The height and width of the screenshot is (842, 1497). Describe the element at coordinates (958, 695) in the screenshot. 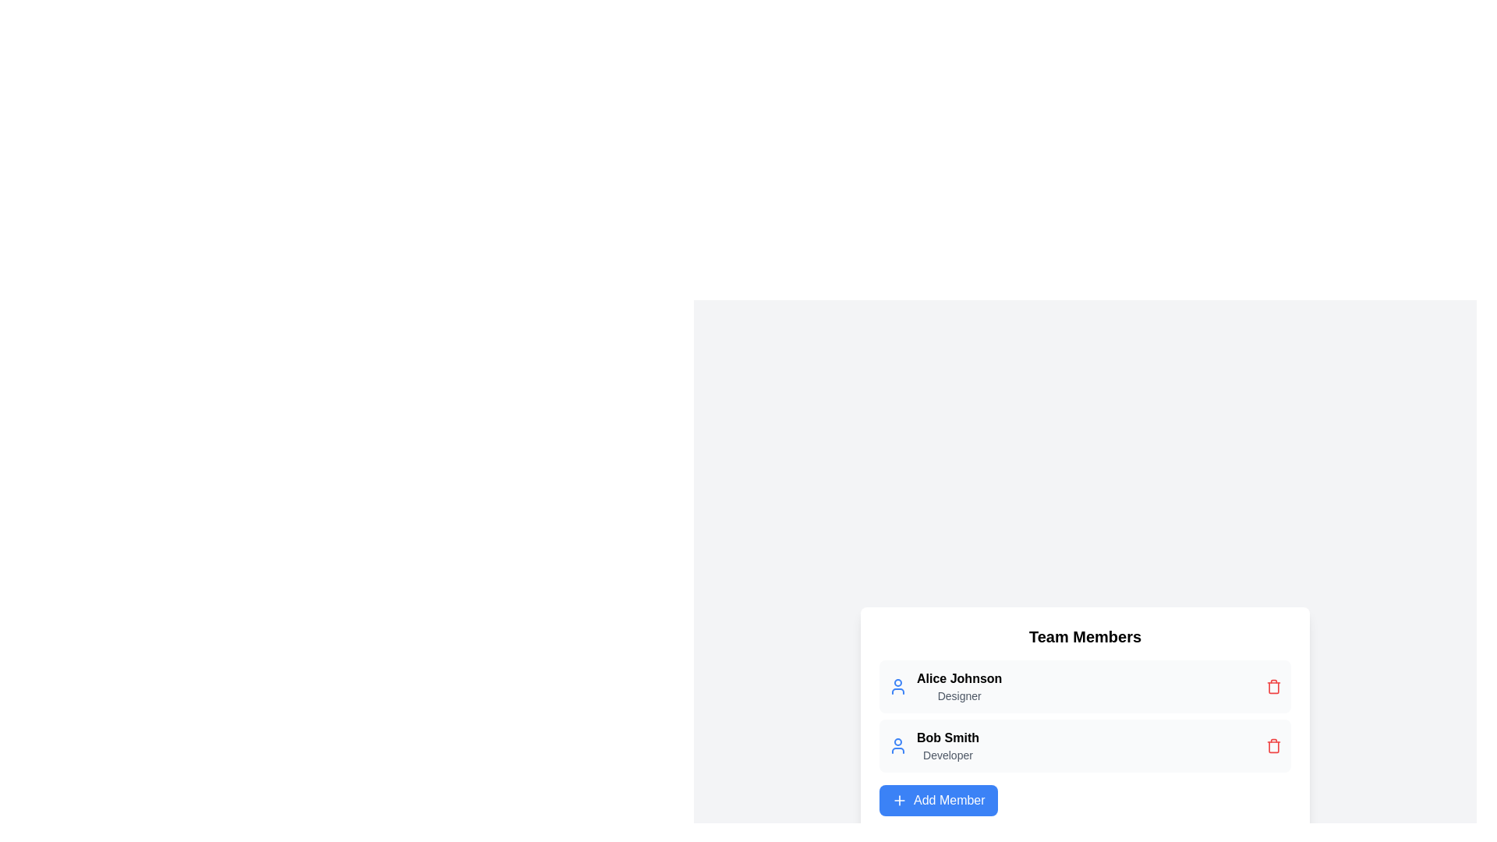

I see `the 'Designer' label in the 'Team Members' section, which indicates the profession of 'Alice Johnson'` at that location.